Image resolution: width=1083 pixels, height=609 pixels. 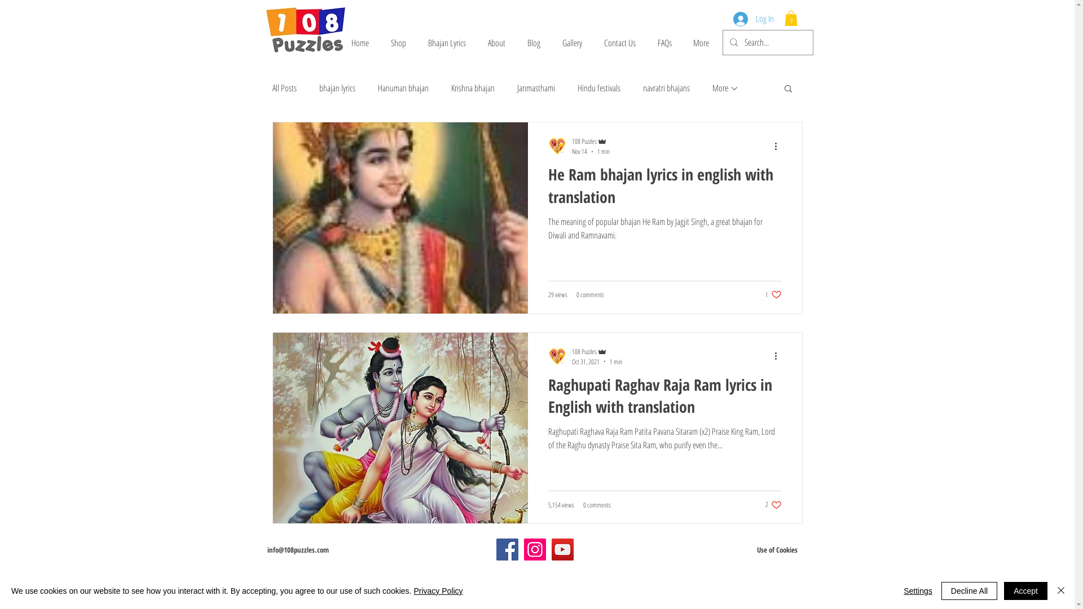 What do you see at coordinates (589, 294) in the screenshot?
I see `'0 comments'` at bounding box center [589, 294].